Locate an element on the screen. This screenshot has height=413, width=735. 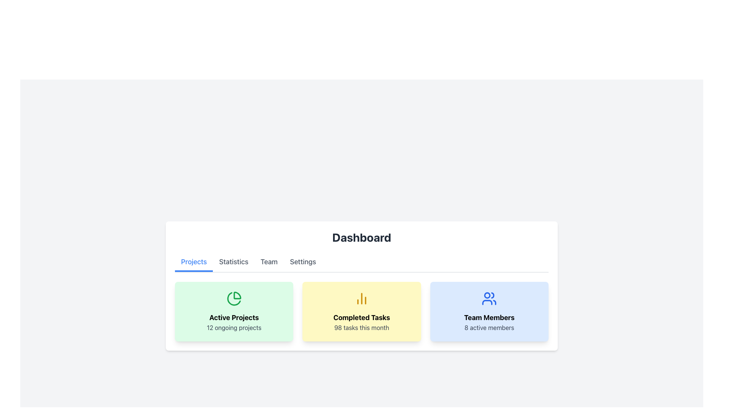
the 'Settings' button tab, which is styled with gray text and a hover effect that changes its color to blue is located at coordinates (302, 262).